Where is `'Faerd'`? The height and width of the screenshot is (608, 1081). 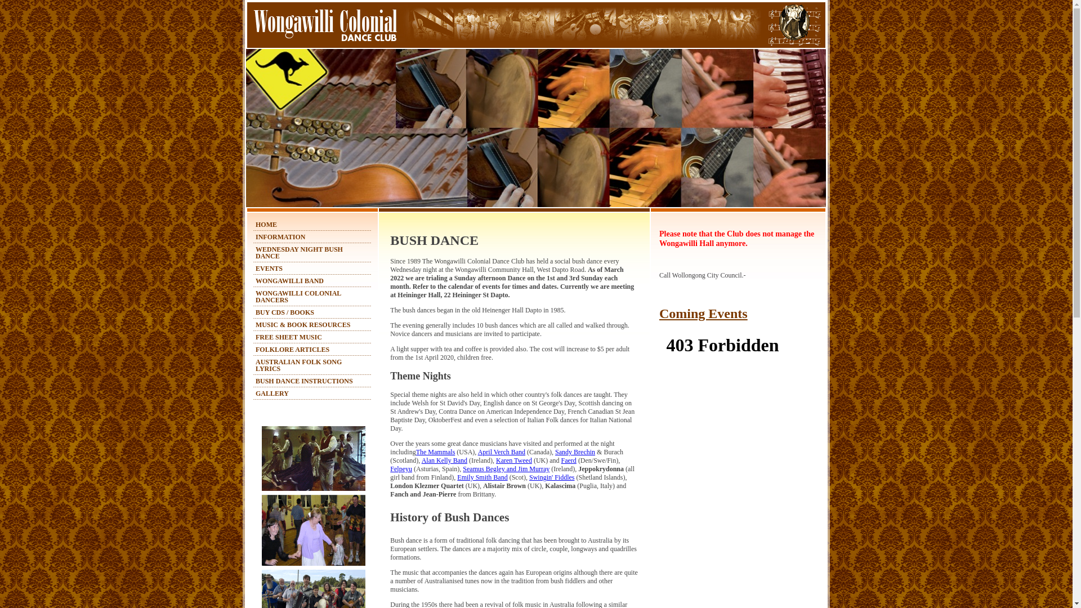
'Faerd' is located at coordinates (569, 460).